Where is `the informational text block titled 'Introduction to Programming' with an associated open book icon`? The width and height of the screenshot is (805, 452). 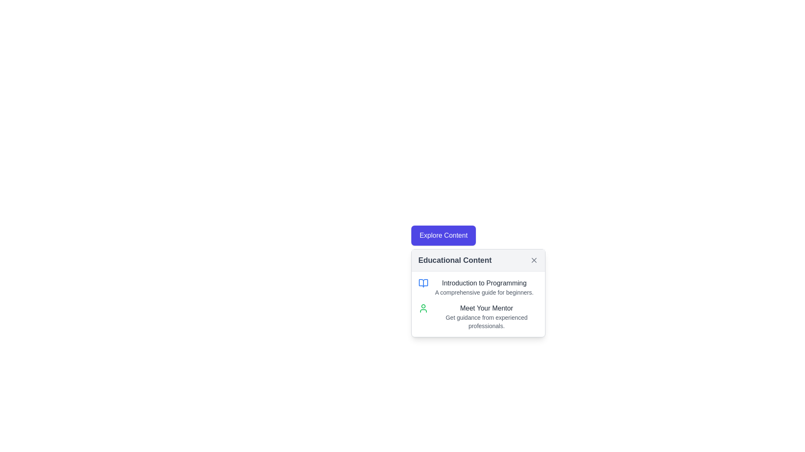
the informational text block titled 'Introduction to Programming' with an associated open book icon is located at coordinates (478, 287).